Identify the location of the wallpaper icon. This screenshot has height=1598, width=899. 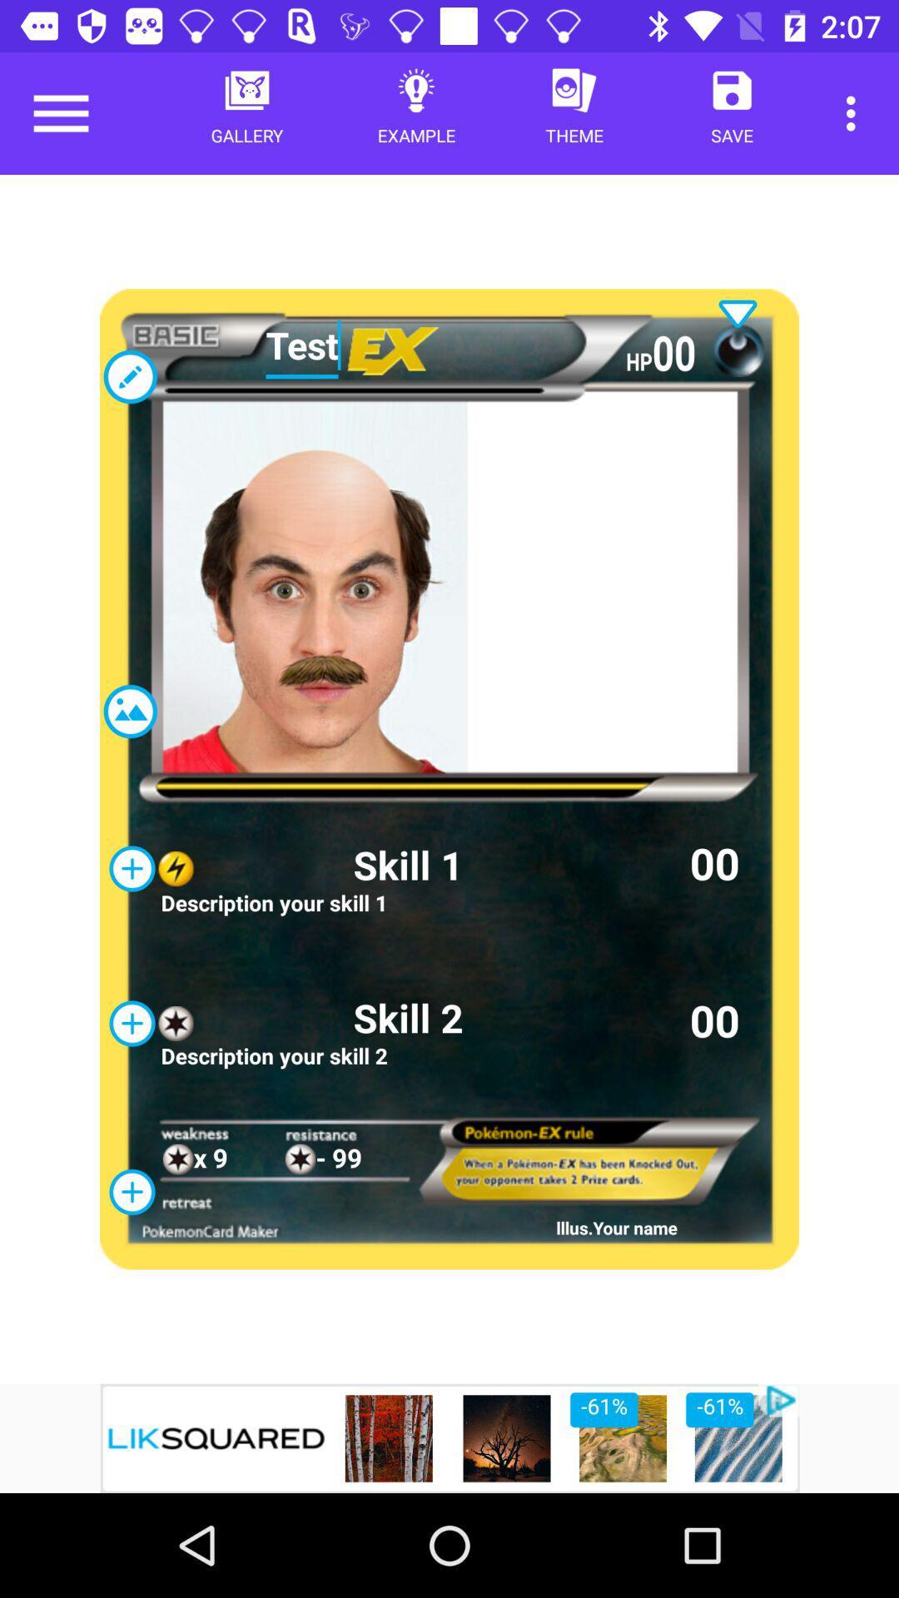
(129, 711).